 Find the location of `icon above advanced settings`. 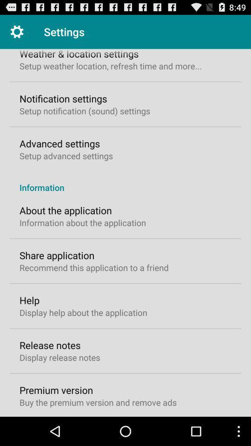

icon above advanced settings is located at coordinates (85, 111).